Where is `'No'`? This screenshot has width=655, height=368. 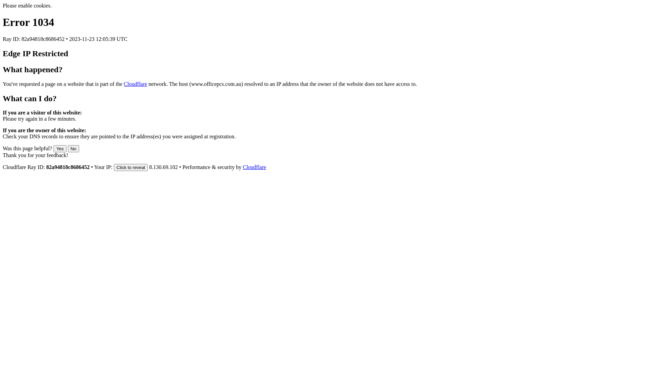
'No' is located at coordinates (73, 148).